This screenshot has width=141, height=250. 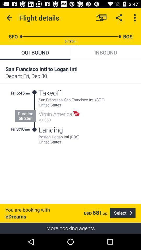 What do you see at coordinates (28, 92) in the screenshot?
I see `am` at bounding box center [28, 92].